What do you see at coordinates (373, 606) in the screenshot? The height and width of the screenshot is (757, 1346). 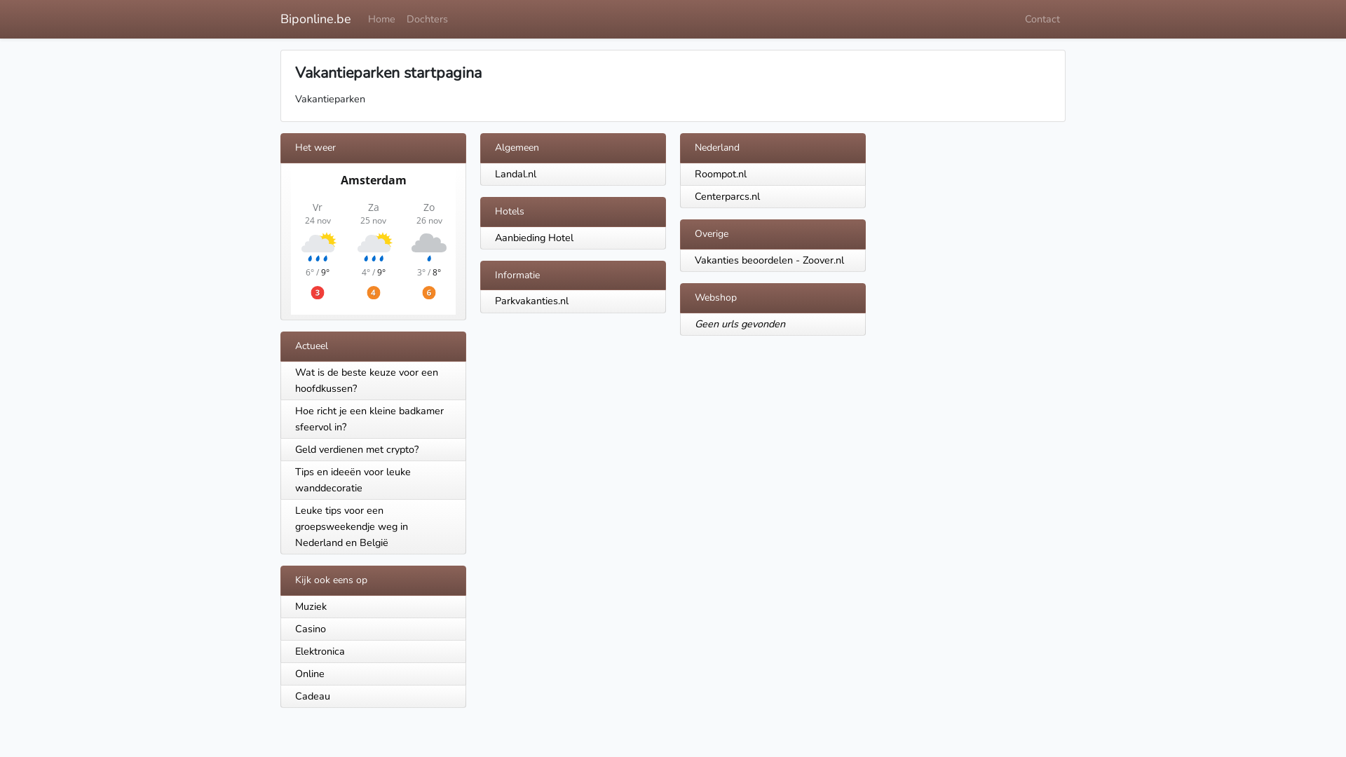 I see `'Muziek'` at bounding box center [373, 606].